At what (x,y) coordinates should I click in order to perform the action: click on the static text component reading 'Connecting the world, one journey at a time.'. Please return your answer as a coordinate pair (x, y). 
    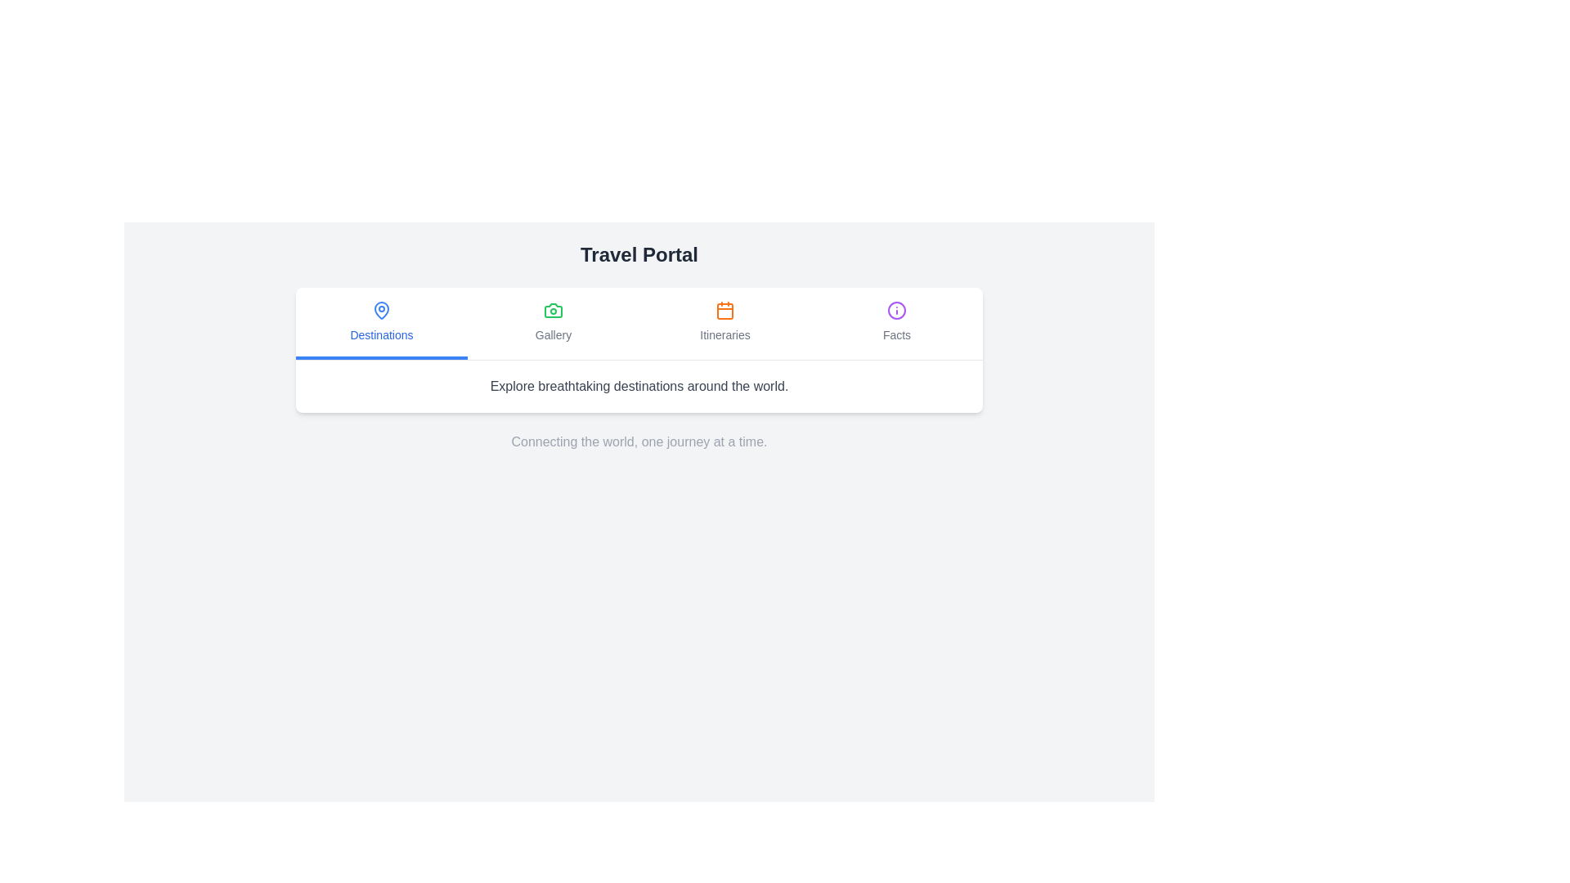
    Looking at the image, I should click on (639, 441).